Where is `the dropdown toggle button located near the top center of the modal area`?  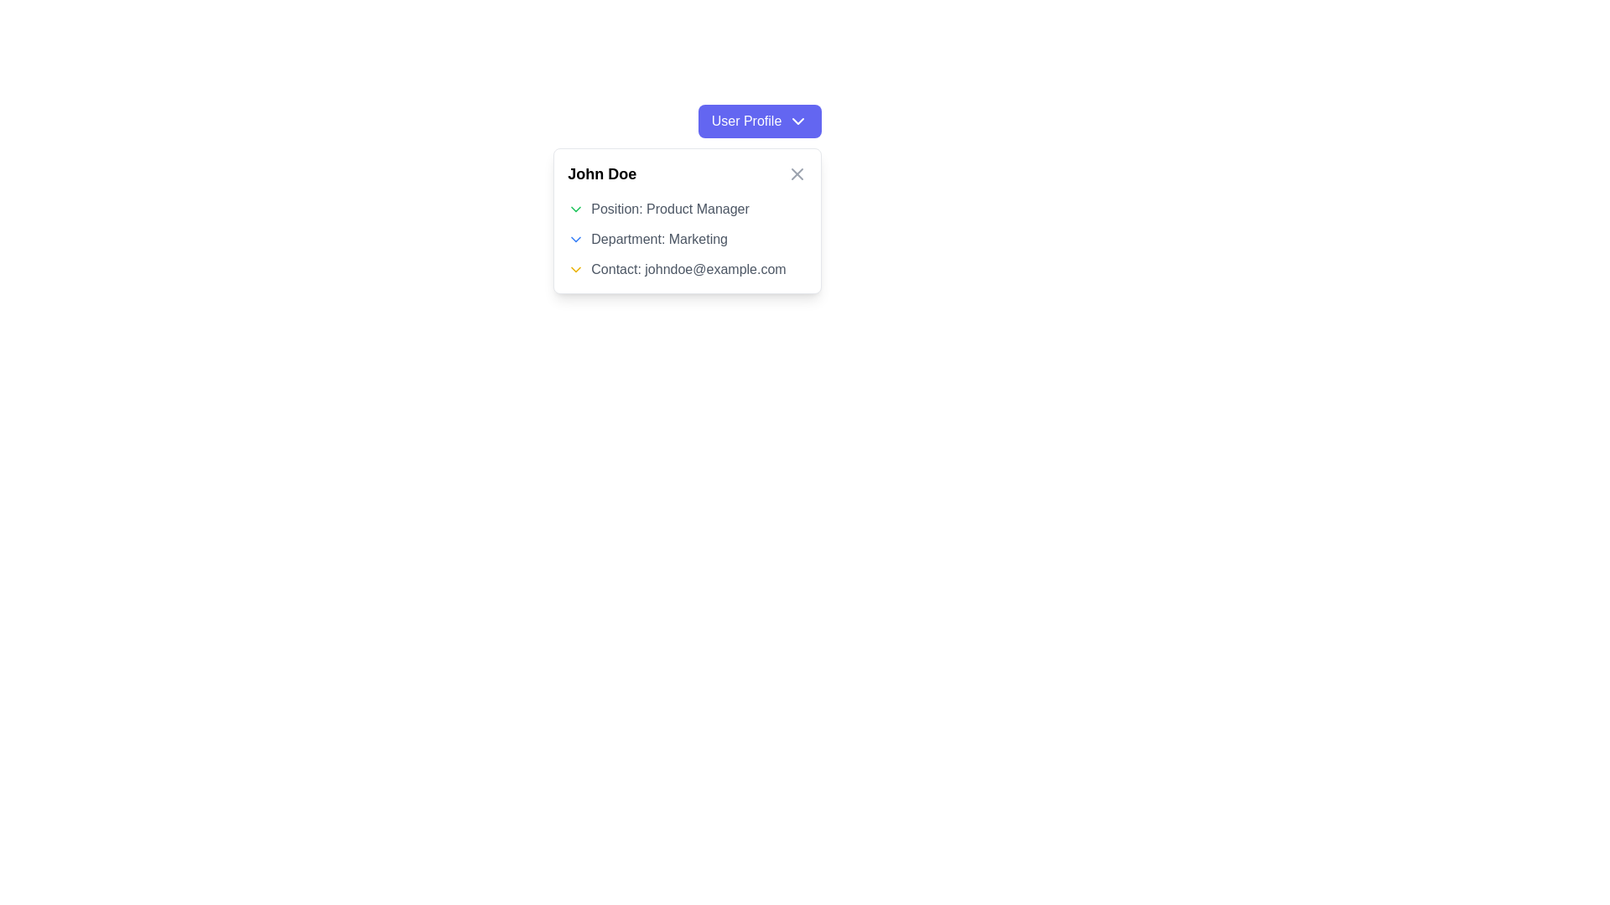
the dropdown toggle button located near the top center of the modal area is located at coordinates (759, 121).